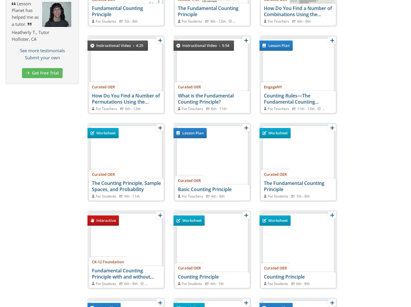  Describe the element at coordinates (298, 17) in the screenshot. I see `'How Do You Find a Number of Combinations Using the Fundamental Counting Principle?'` at that location.